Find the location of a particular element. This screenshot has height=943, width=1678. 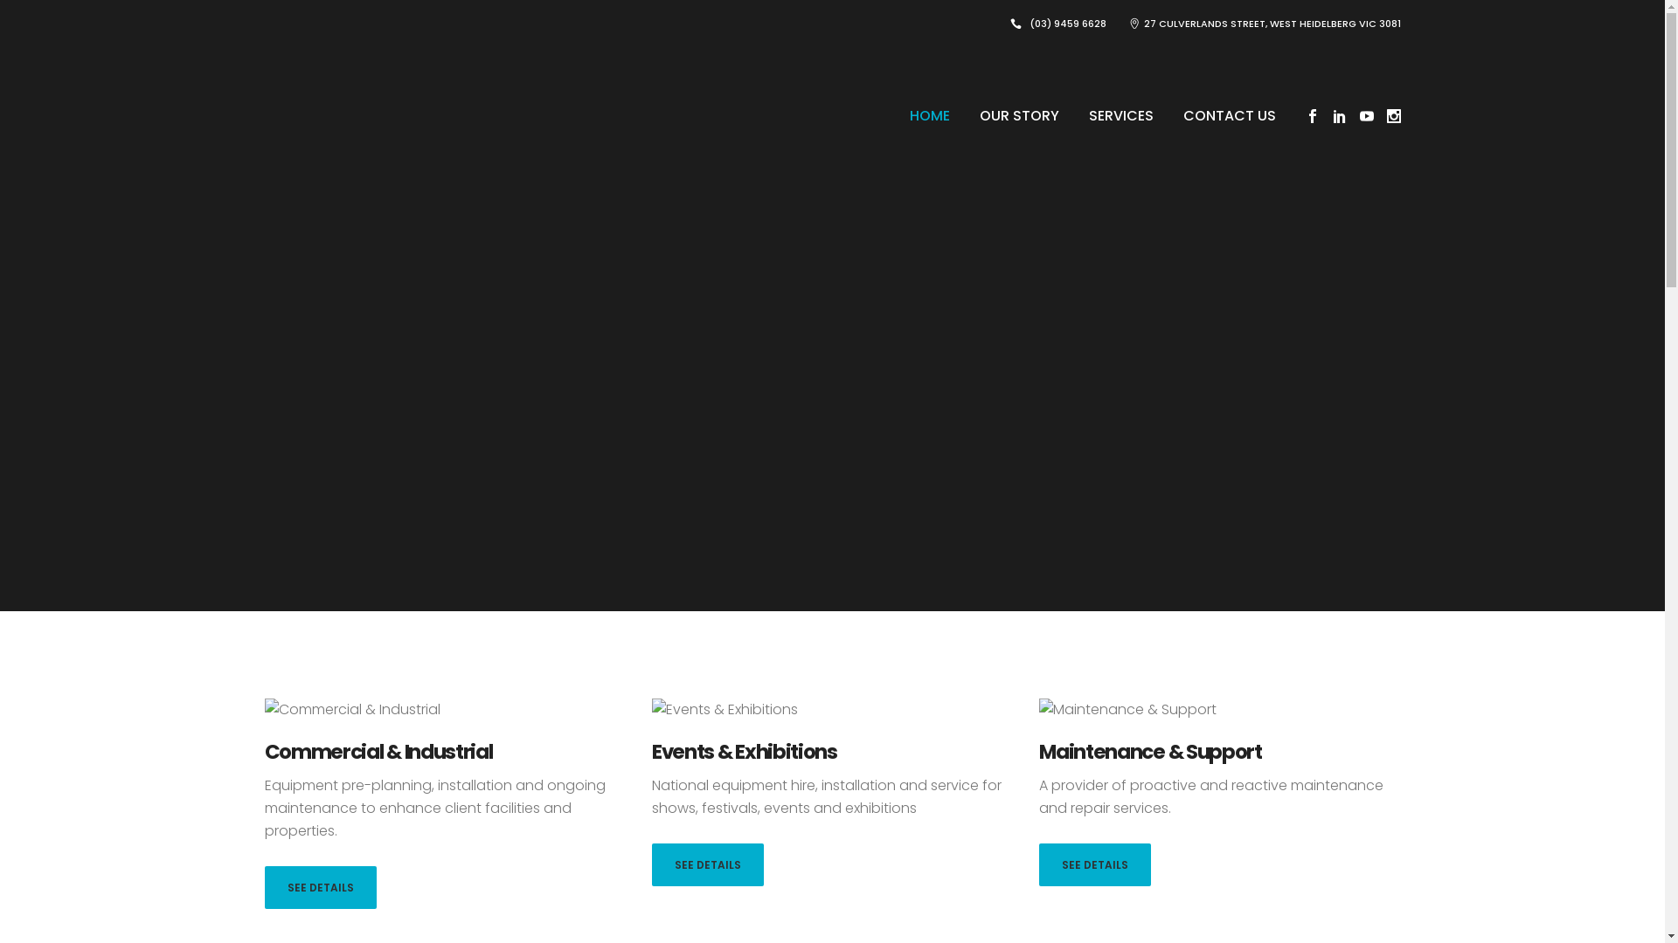

'HOME' is located at coordinates (929, 115).